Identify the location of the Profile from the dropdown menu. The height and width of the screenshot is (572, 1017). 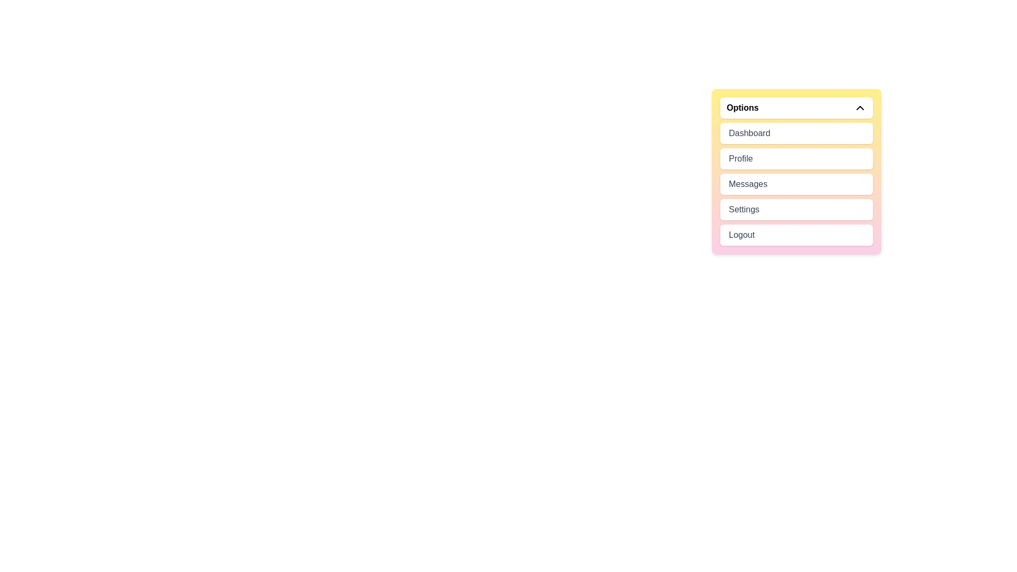
(796, 159).